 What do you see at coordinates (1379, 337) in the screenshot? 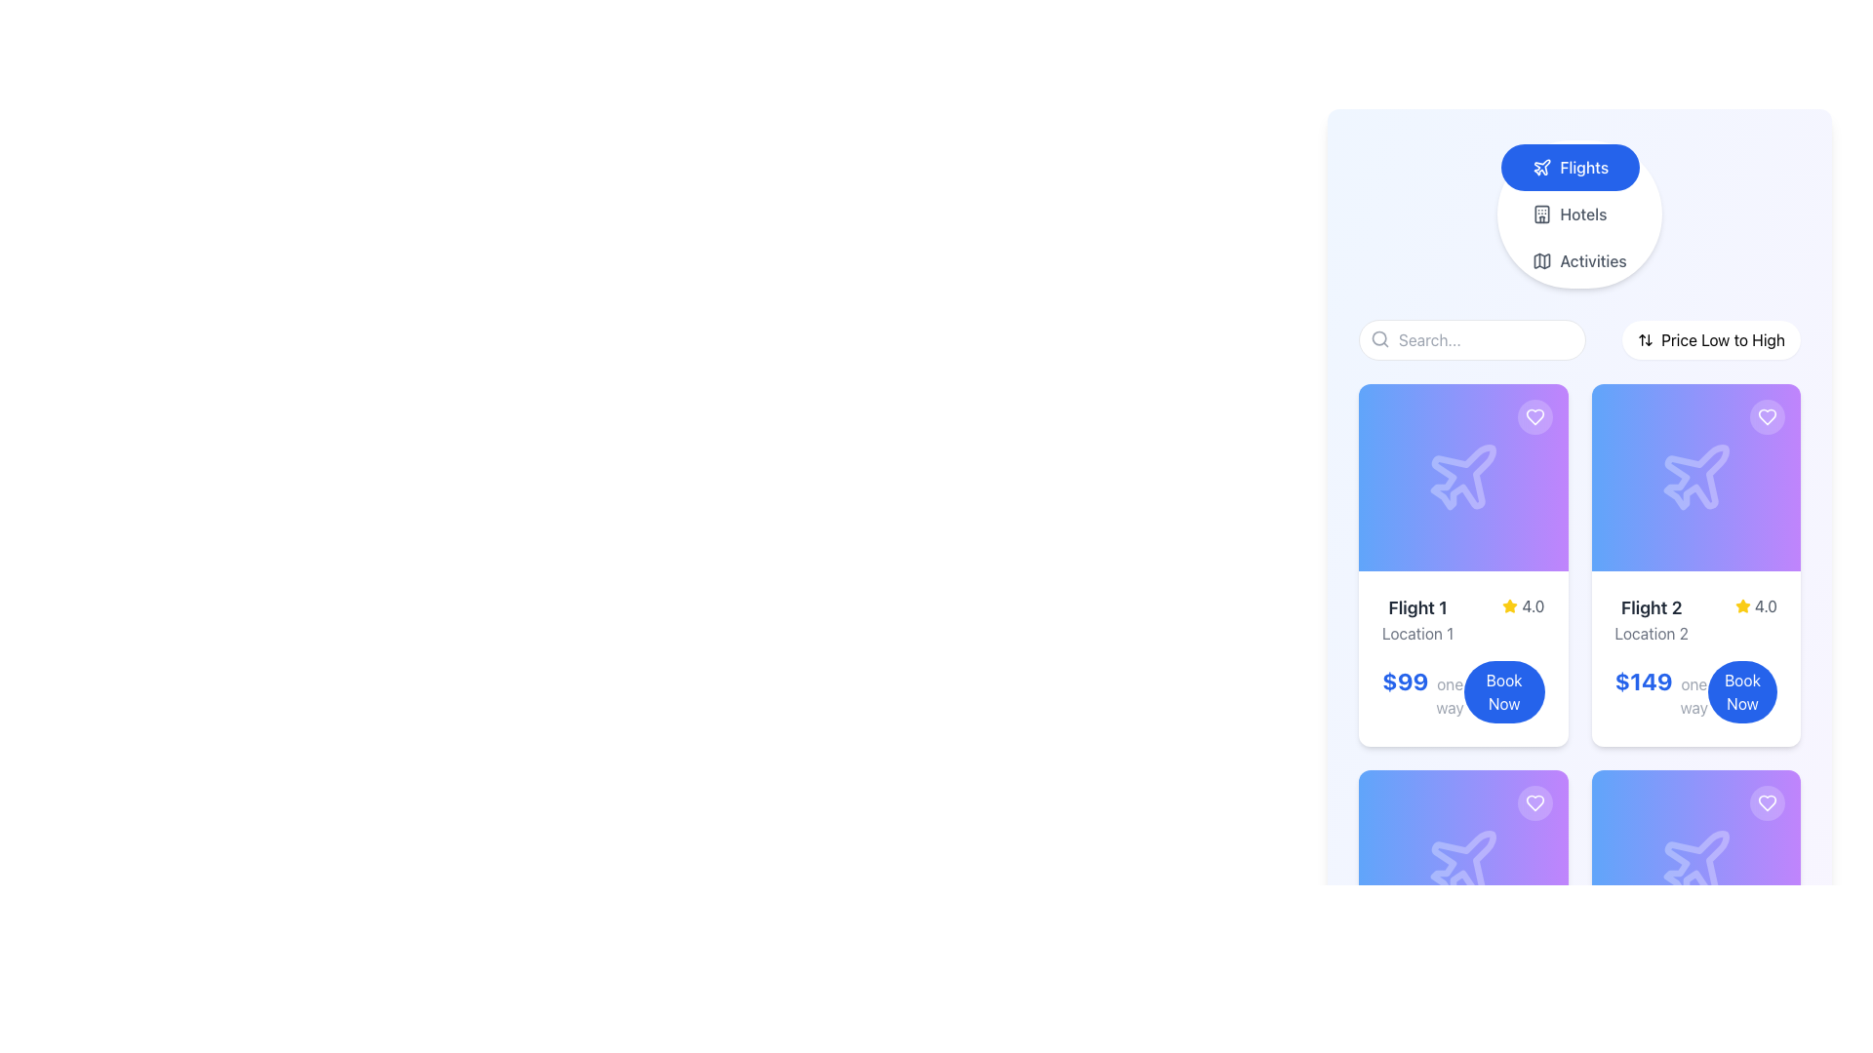
I see `the search icon which represents the search feature, located to the left of the input field` at bounding box center [1379, 337].